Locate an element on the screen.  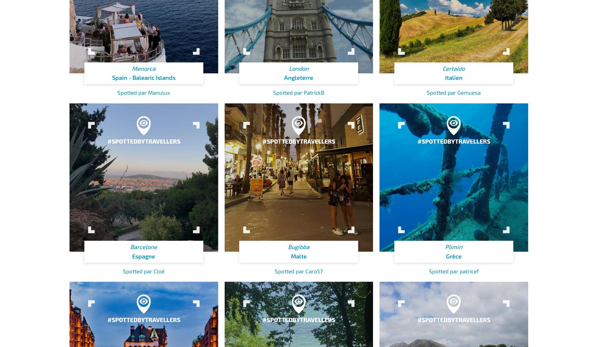
'Certaldo' is located at coordinates (454, 68).